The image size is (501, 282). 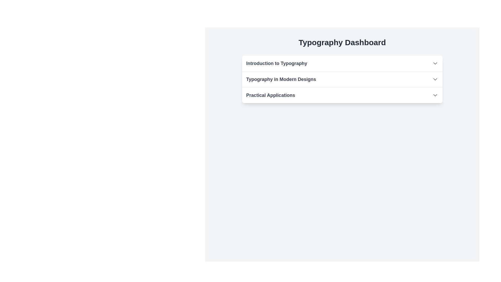 What do you see at coordinates (342, 79) in the screenshot?
I see `the 'Typography in Modern Designs' button-like interactive item` at bounding box center [342, 79].